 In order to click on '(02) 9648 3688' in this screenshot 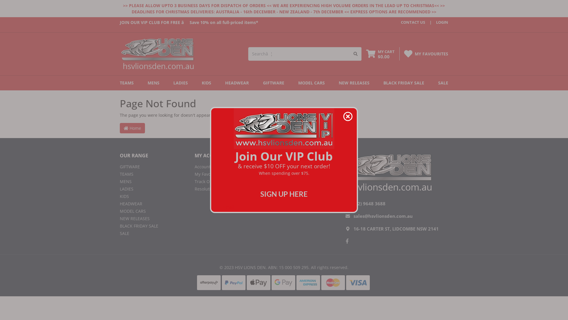, I will do `click(369, 203)`.